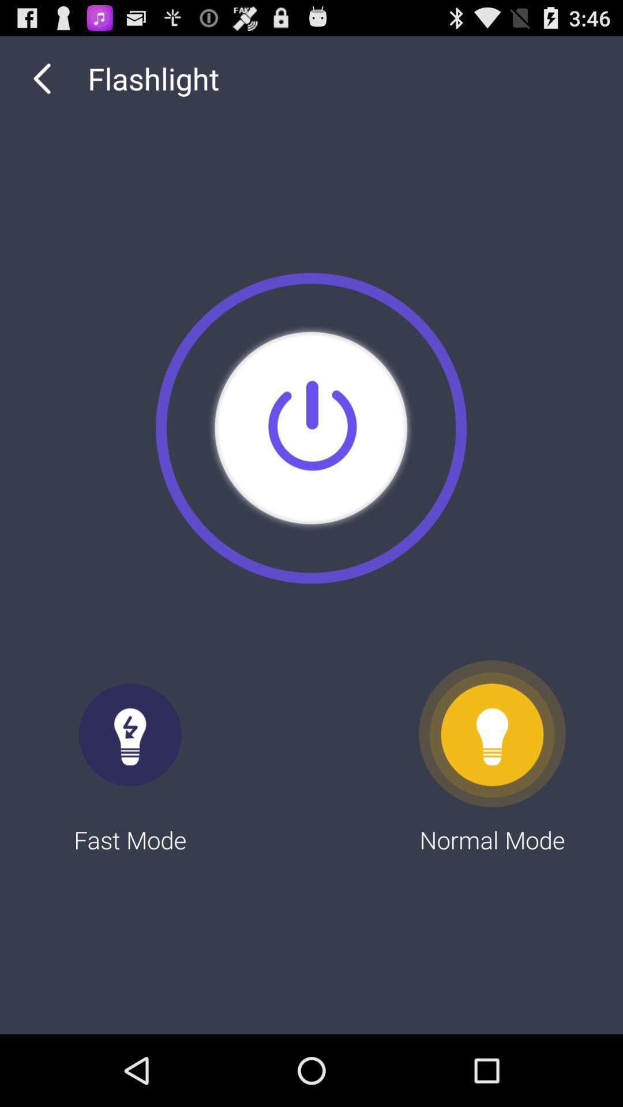  I want to click on icon above fast mode item, so click(42, 78).